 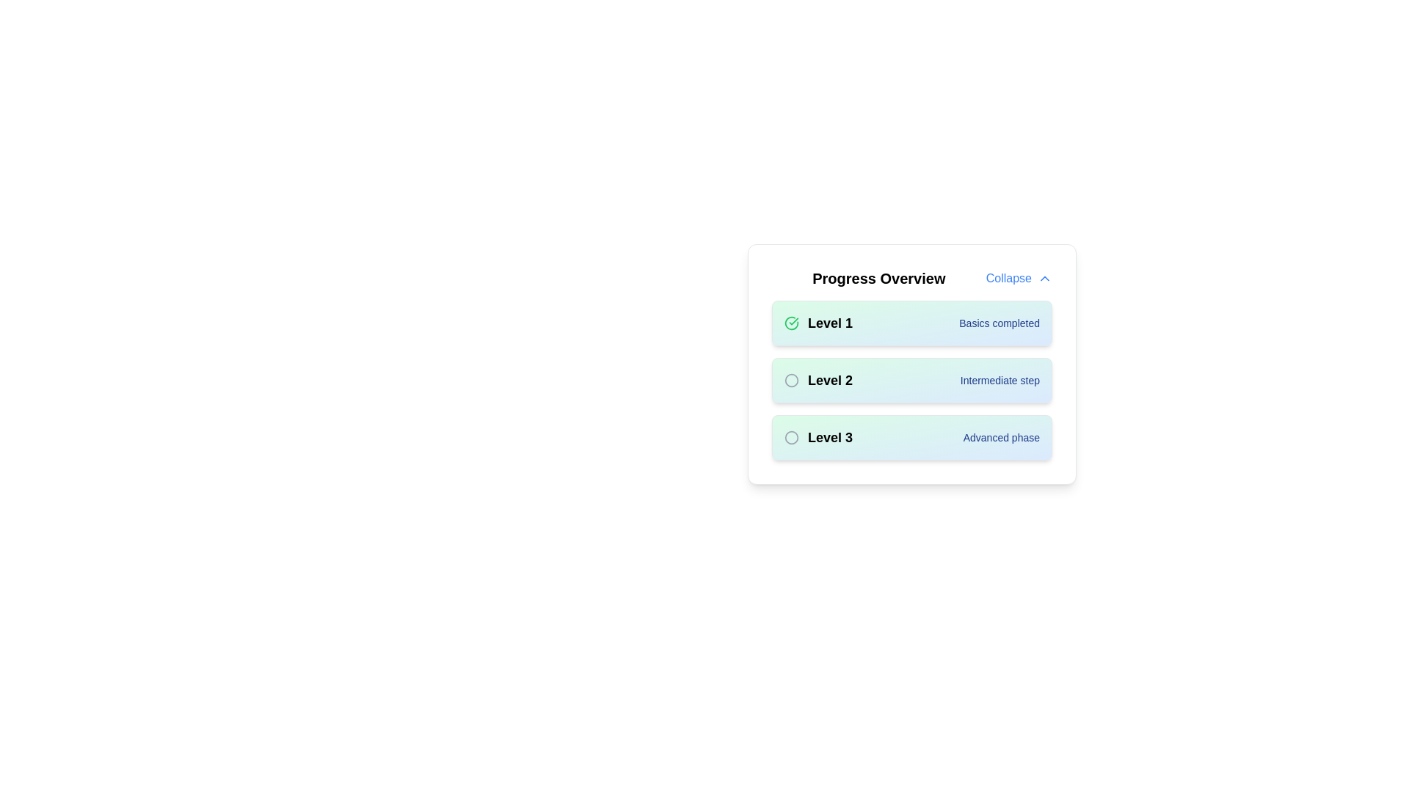 I want to click on the 'Collapse' interactive button styled as a hyperlink located in the top-right corner of the 'Progress Overview' section, so click(x=1018, y=279).